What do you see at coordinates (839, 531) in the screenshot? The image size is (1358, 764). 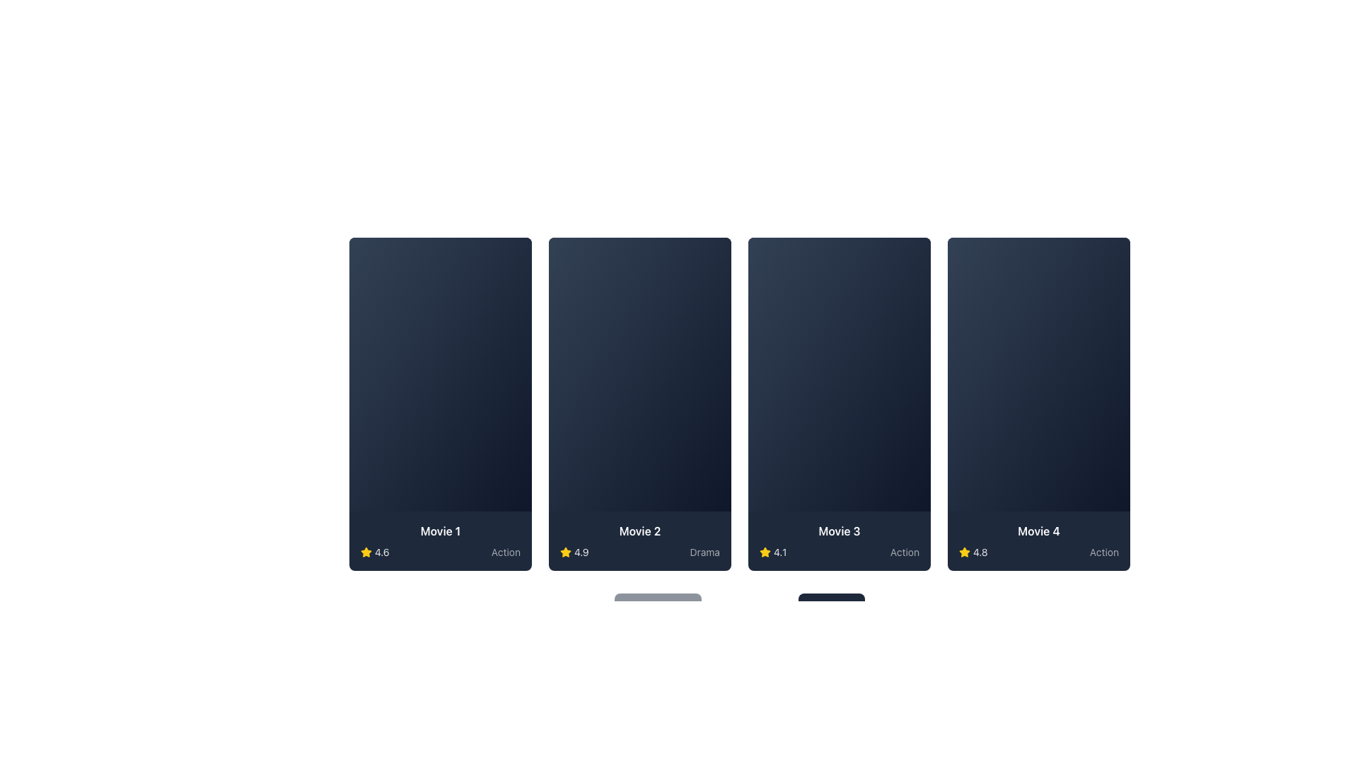 I see `the 'Movie 3' text label, which is displayed in white bold font on a dark blue background, located at the center of the third card in a series of four horizontally aligned cards` at bounding box center [839, 531].